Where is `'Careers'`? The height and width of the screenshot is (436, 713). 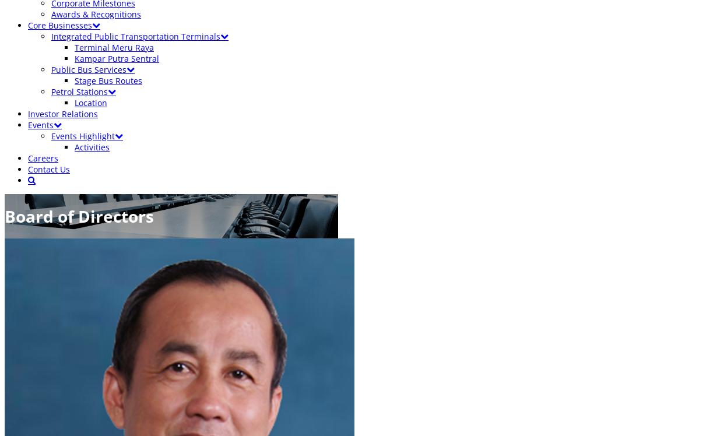 'Careers' is located at coordinates (42, 157).